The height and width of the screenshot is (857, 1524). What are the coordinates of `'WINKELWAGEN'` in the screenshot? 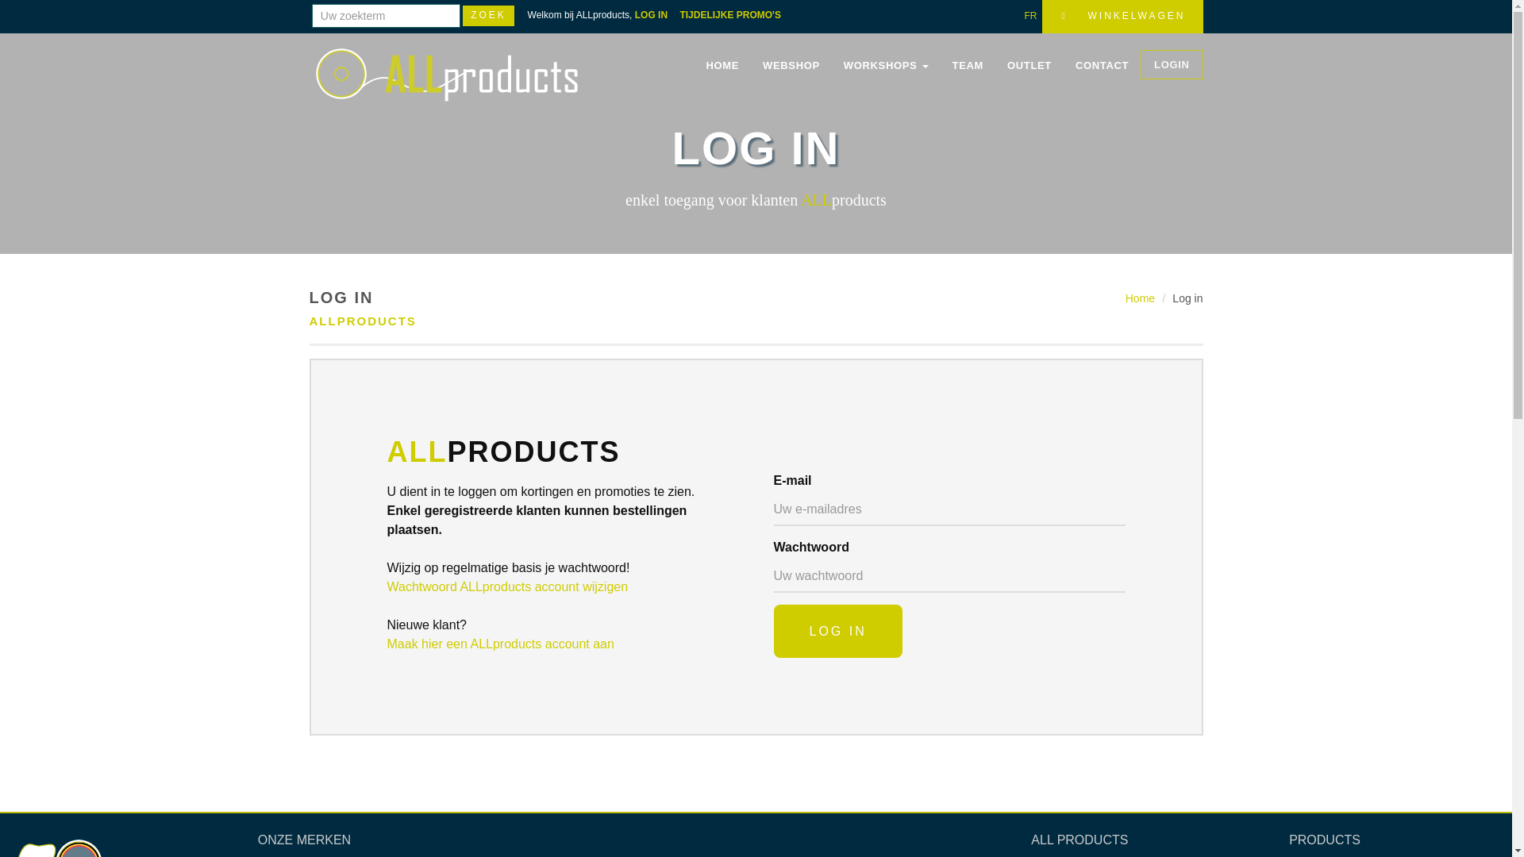 It's located at (1122, 16).